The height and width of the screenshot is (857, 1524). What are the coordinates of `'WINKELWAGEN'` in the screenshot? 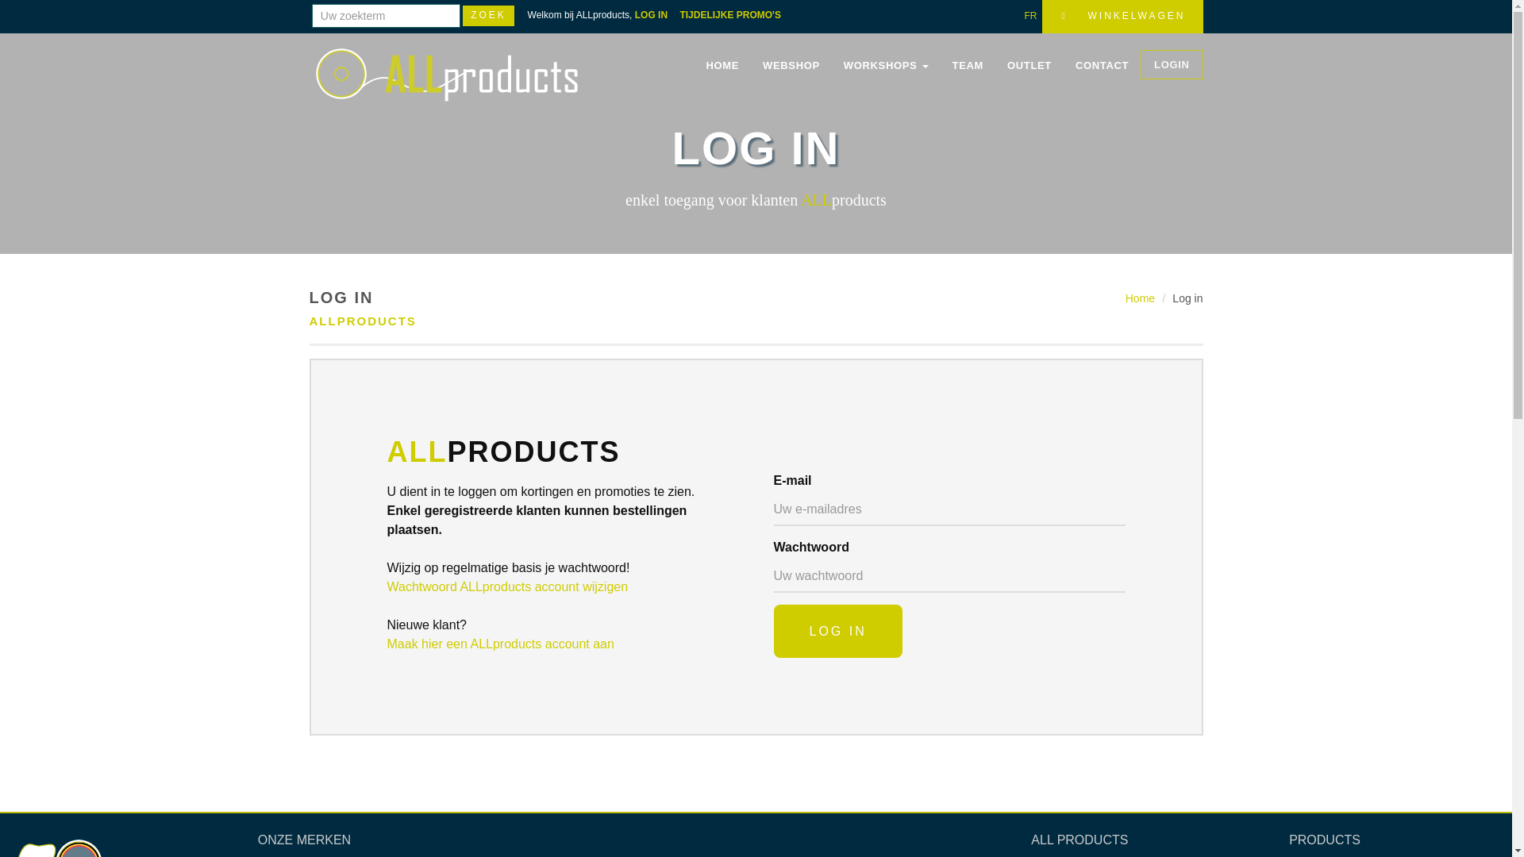 It's located at (1122, 16).